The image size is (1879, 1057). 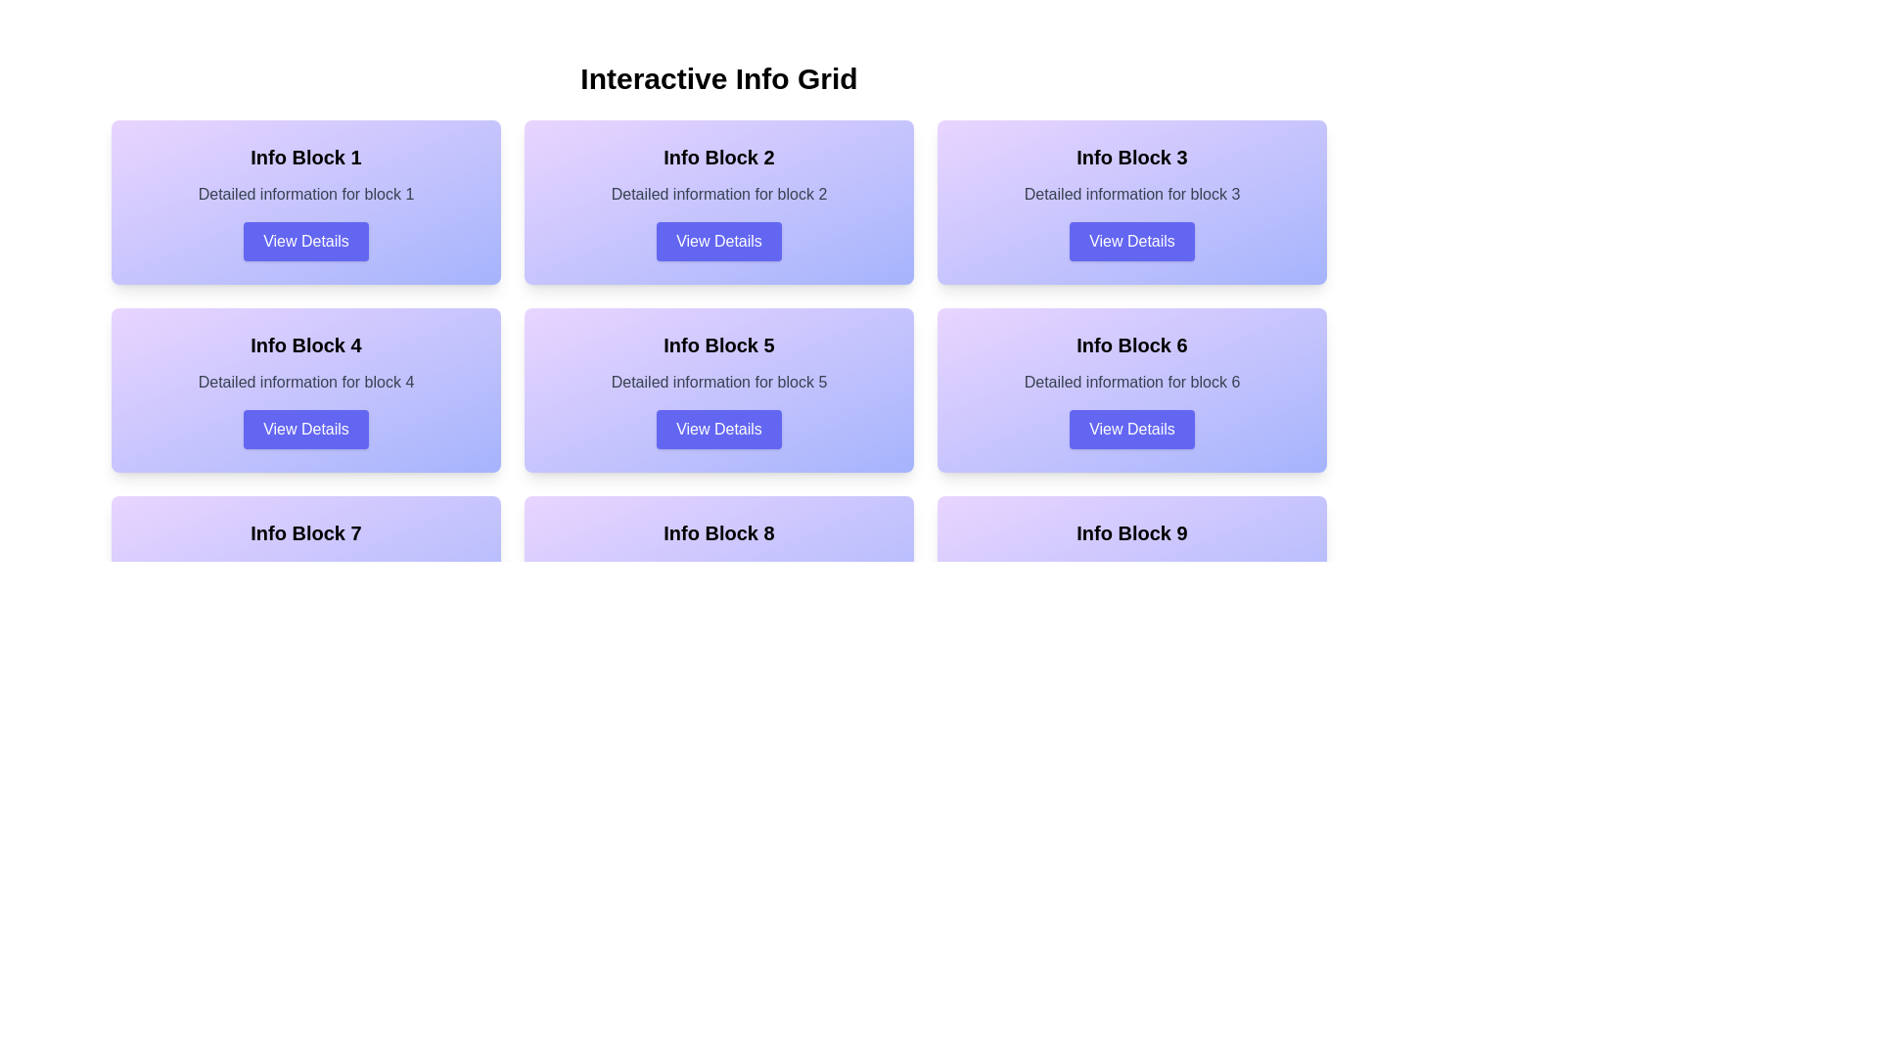 I want to click on the button in 'Info Block 4' located below the text 'Detailed information for block 4', so click(x=304, y=429).